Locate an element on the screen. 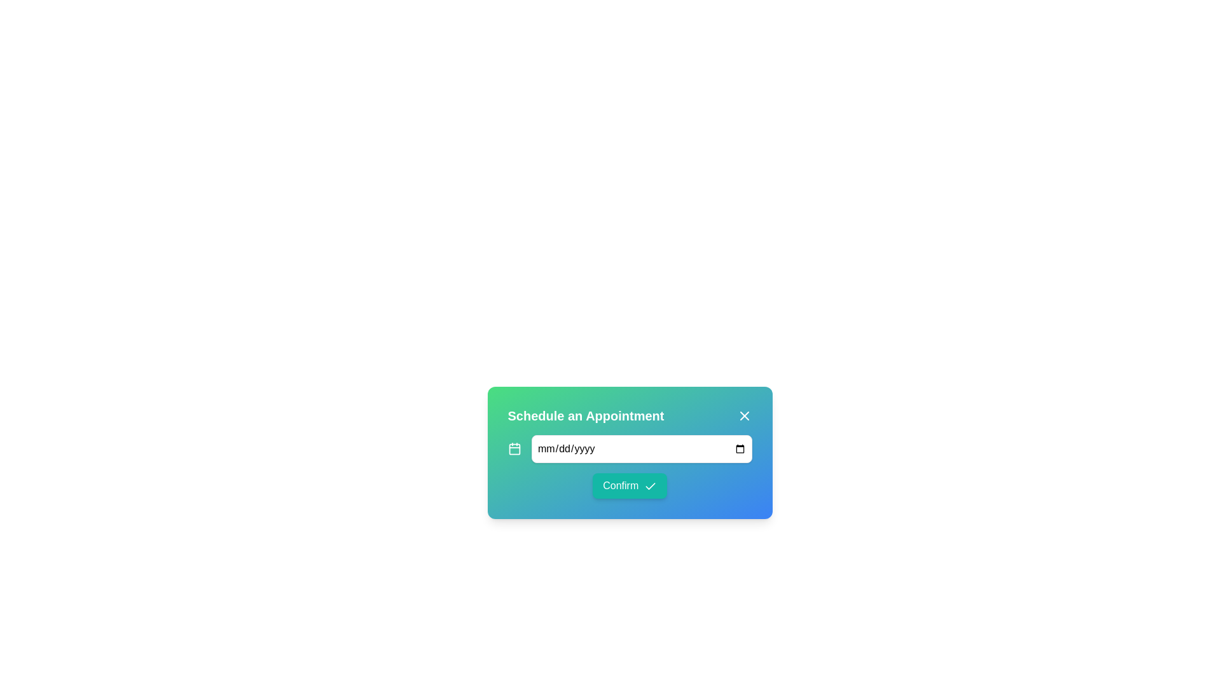 This screenshot has height=687, width=1221. the decorative confirmation icon located centrally inside the 'Confirm' button, which is below the date input field in the 'Schedule an Appointment' dialog box is located at coordinates (650, 486).